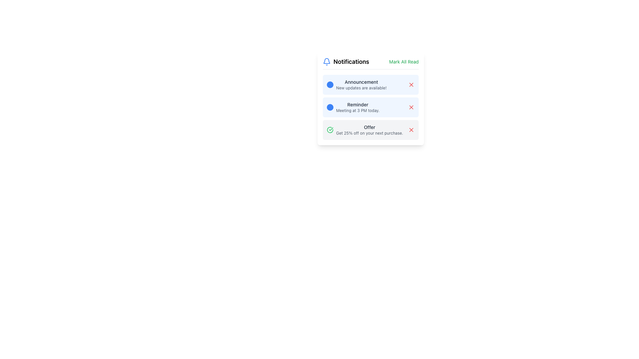 The height and width of the screenshot is (359, 639). Describe the element at coordinates (403, 61) in the screenshot. I see `the 'Mark All as Read' button located at the top-right corner of the 'Notifications' section` at that location.